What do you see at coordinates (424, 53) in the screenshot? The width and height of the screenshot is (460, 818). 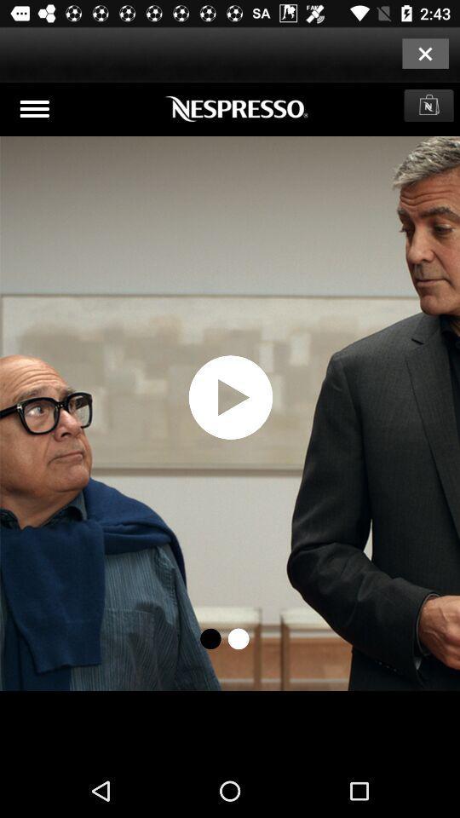 I see `close` at bounding box center [424, 53].